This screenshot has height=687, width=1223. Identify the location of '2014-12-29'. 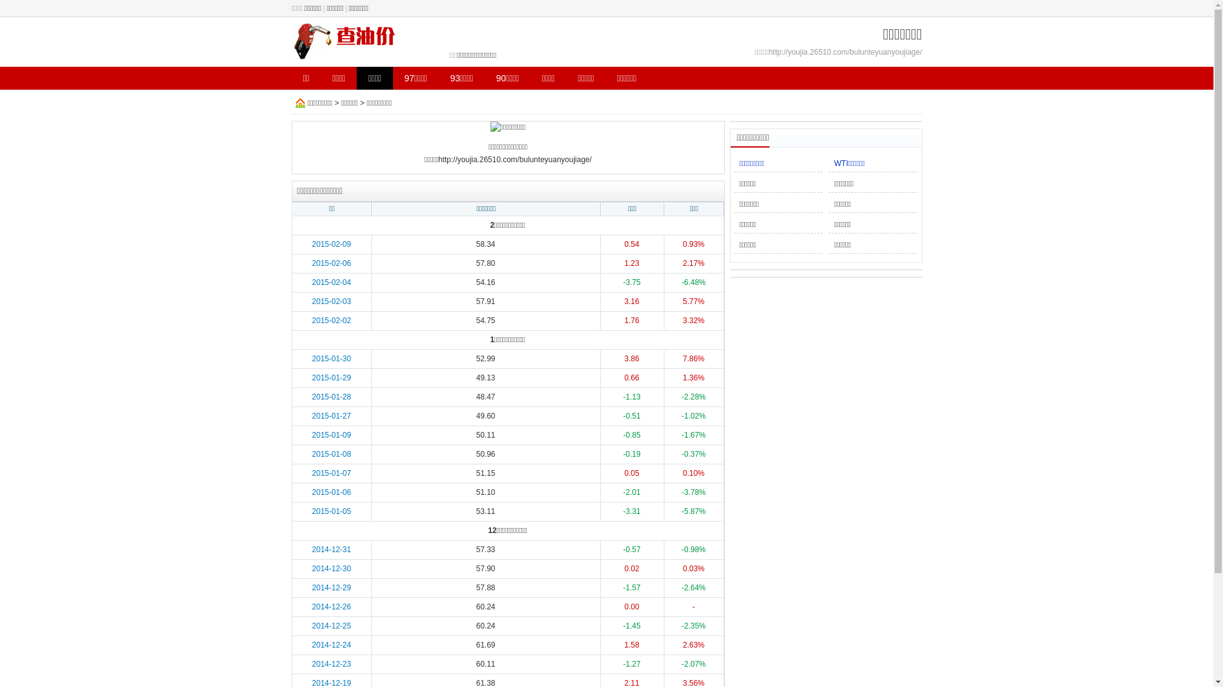
(331, 588).